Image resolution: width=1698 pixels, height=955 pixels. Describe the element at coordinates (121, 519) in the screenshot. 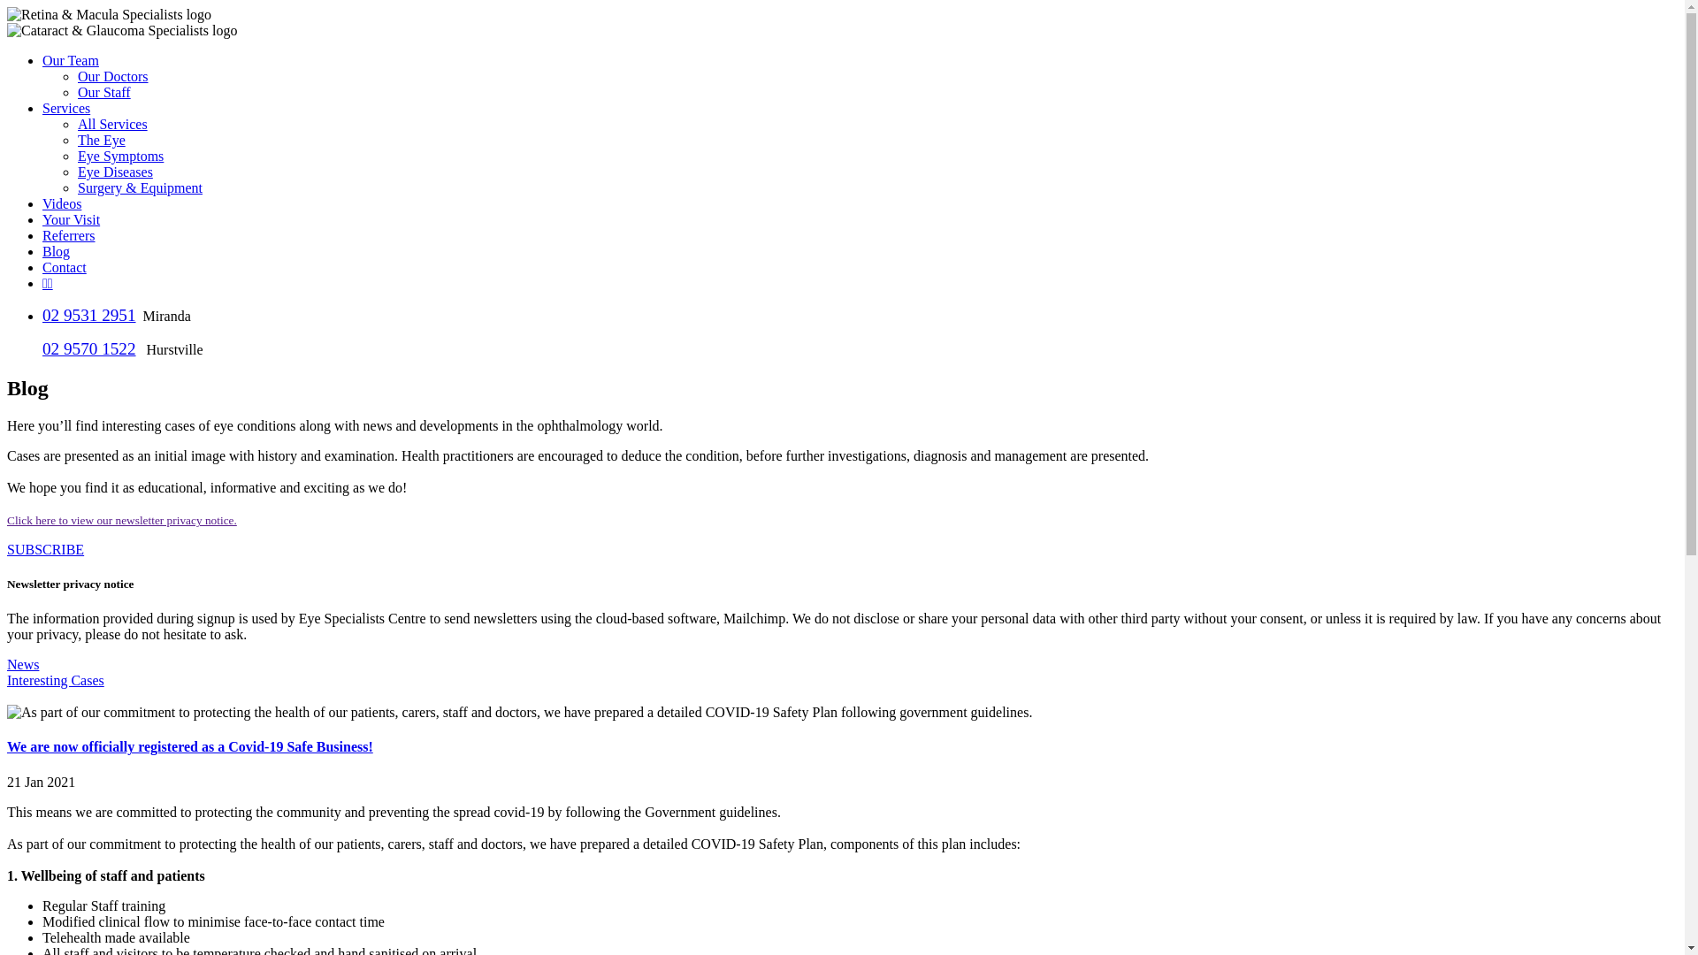

I see `'Click here to view our newsletter privacy notice.'` at that location.